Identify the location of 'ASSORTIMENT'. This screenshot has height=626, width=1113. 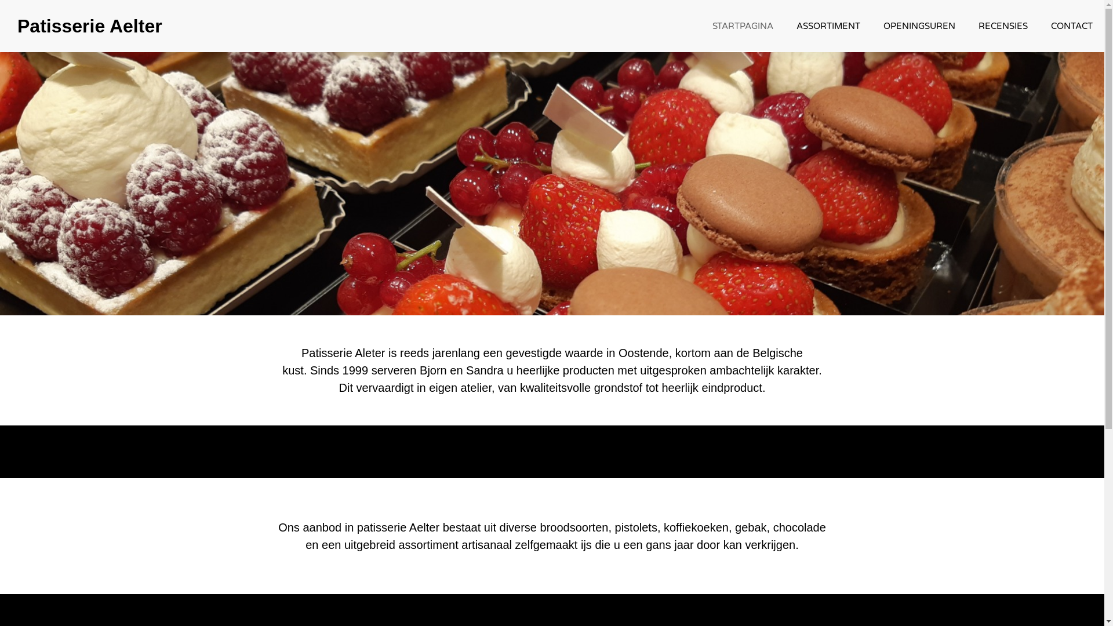
(828, 26).